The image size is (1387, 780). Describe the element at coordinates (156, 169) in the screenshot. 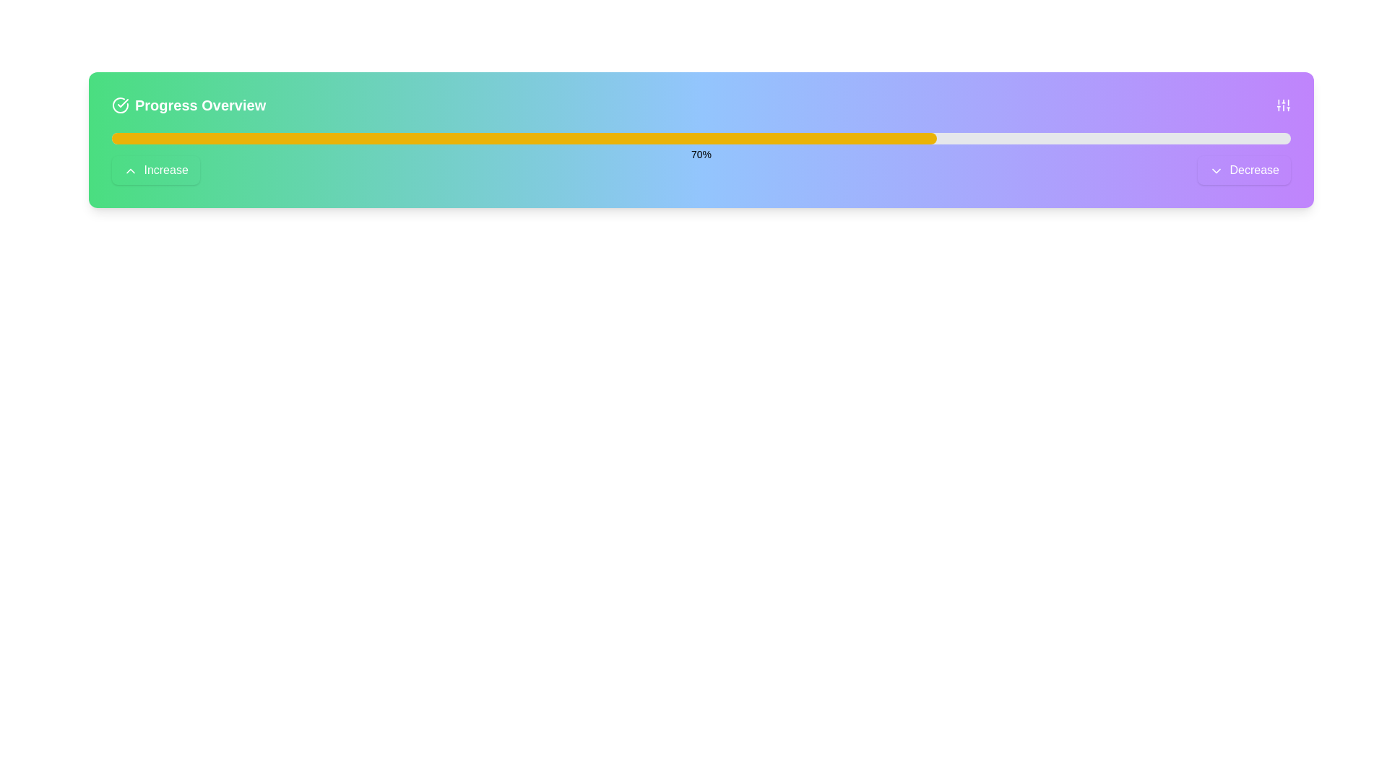

I see `the 'Increase' button, which is the first button in a horizontal sequence next to a progress bar, to adjust the associated value upwards` at that location.